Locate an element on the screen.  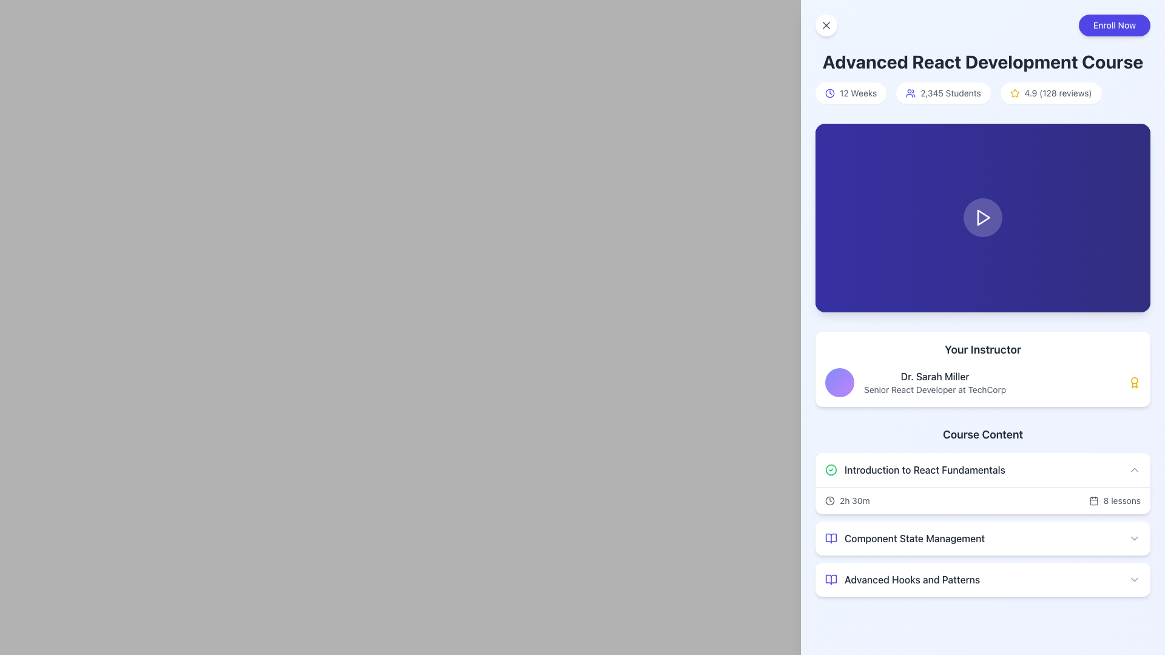
the Information display panel that summarizes metrics for the 'Advanced React Development Course', located above the video player section is located at coordinates (983, 93).